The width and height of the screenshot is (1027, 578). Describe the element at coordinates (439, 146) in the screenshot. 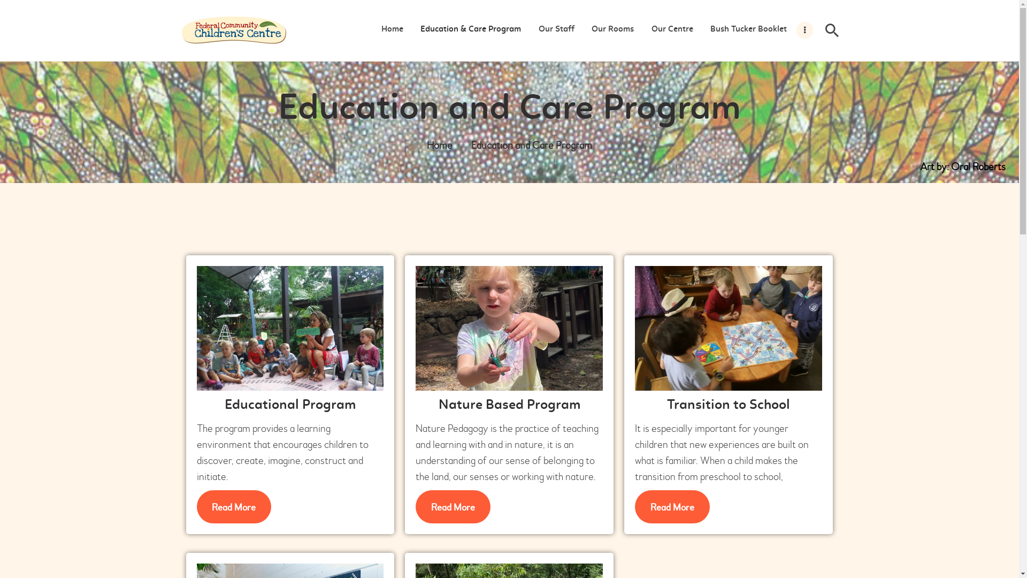

I see `'Home'` at that location.